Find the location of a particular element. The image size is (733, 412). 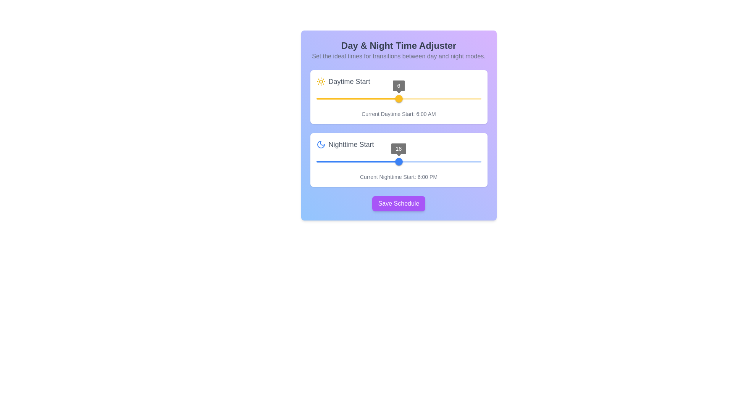

the nighttime slider is located at coordinates (336, 161).